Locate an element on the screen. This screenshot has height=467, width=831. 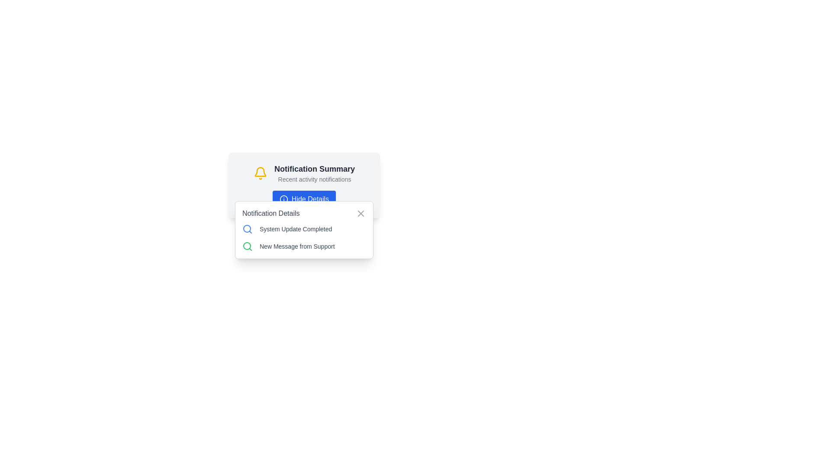
the search icon located in the upper-left corner of the notification detail column, aligned with the text 'System Update Completed' is located at coordinates (247, 228).